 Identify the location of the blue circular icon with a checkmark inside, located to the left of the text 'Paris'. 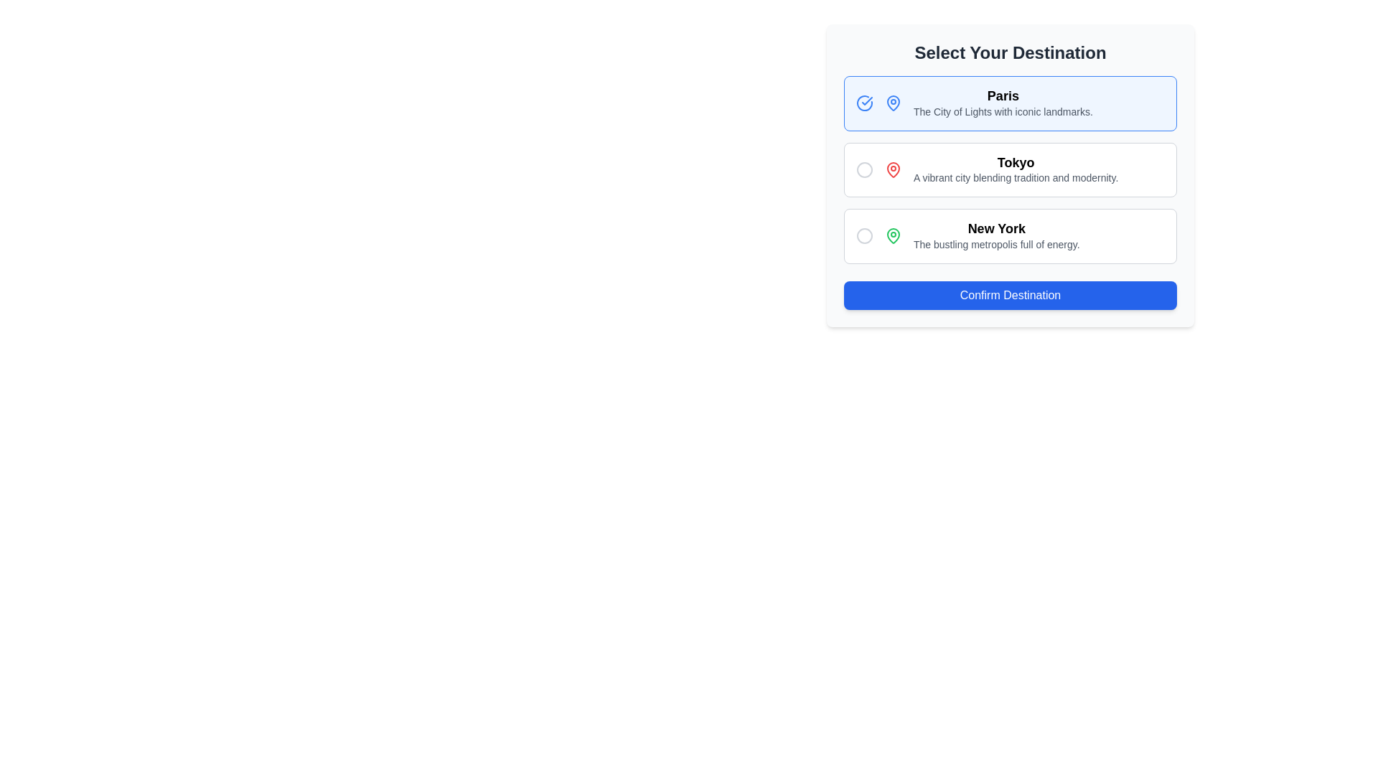
(863, 102).